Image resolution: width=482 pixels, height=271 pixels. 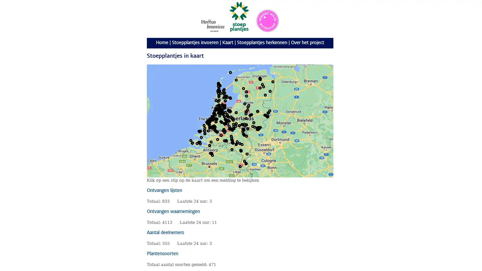 What do you see at coordinates (218, 107) in the screenshot?
I see `Telling van op 13 januari 2022` at bounding box center [218, 107].